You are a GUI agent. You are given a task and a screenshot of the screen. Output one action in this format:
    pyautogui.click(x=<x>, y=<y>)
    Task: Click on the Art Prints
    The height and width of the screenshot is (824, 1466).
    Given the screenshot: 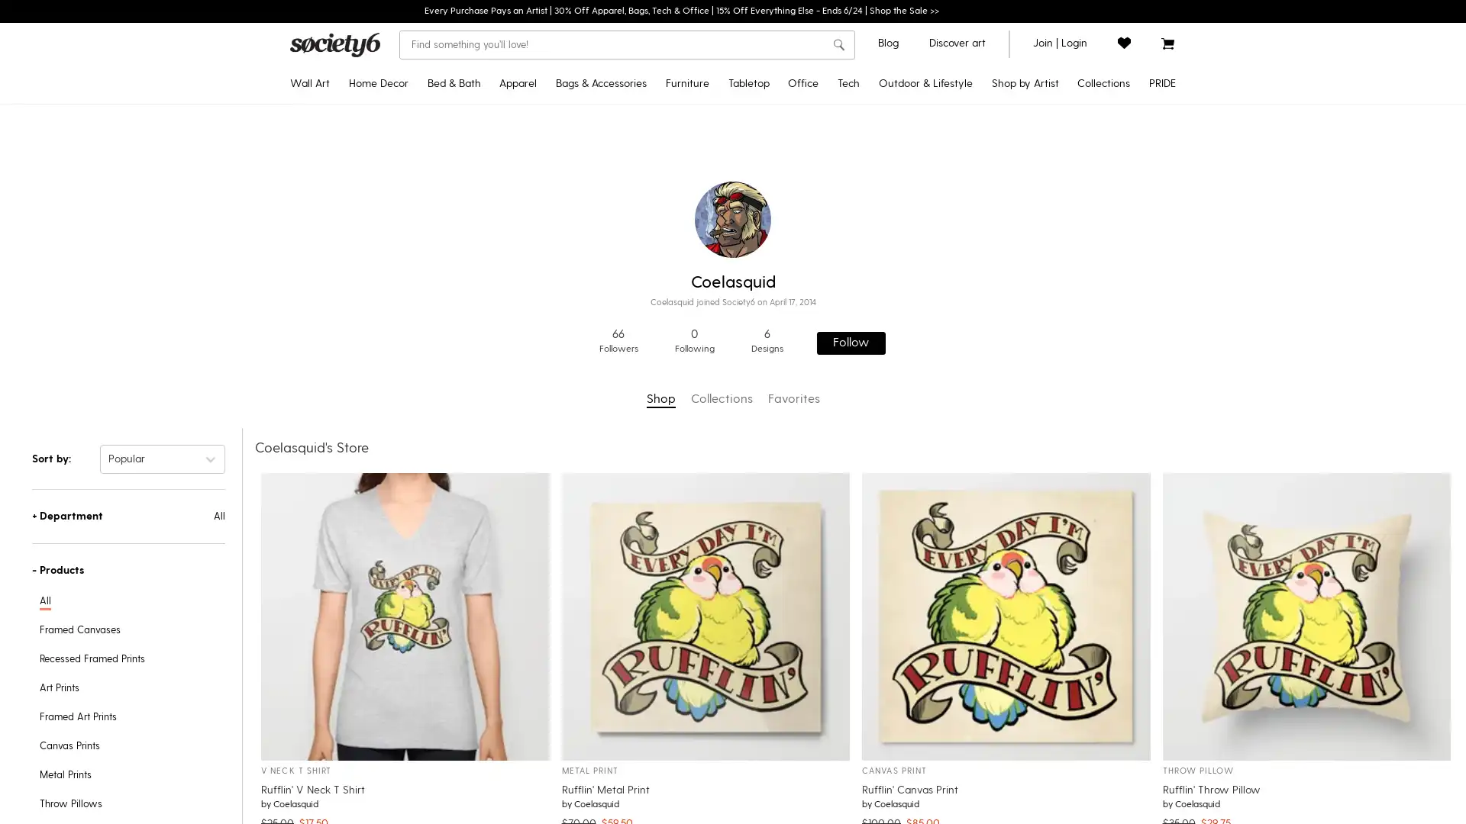 What is the action you would take?
    pyautogui.click(x=359, y=122)
    